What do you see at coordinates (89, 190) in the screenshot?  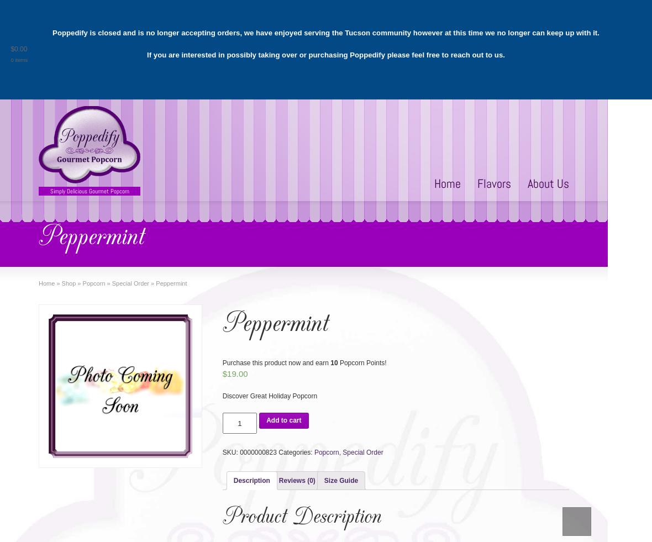 I see `'Simply Delicious Gourmet Popcorn'` at bounding box center [89, 190].